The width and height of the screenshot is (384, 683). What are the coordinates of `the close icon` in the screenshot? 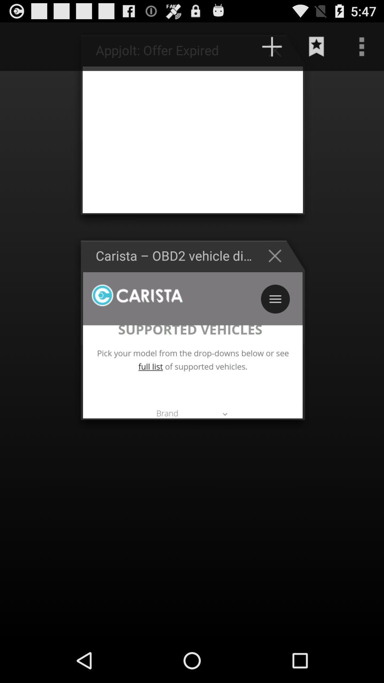 It's located at (278, 273).